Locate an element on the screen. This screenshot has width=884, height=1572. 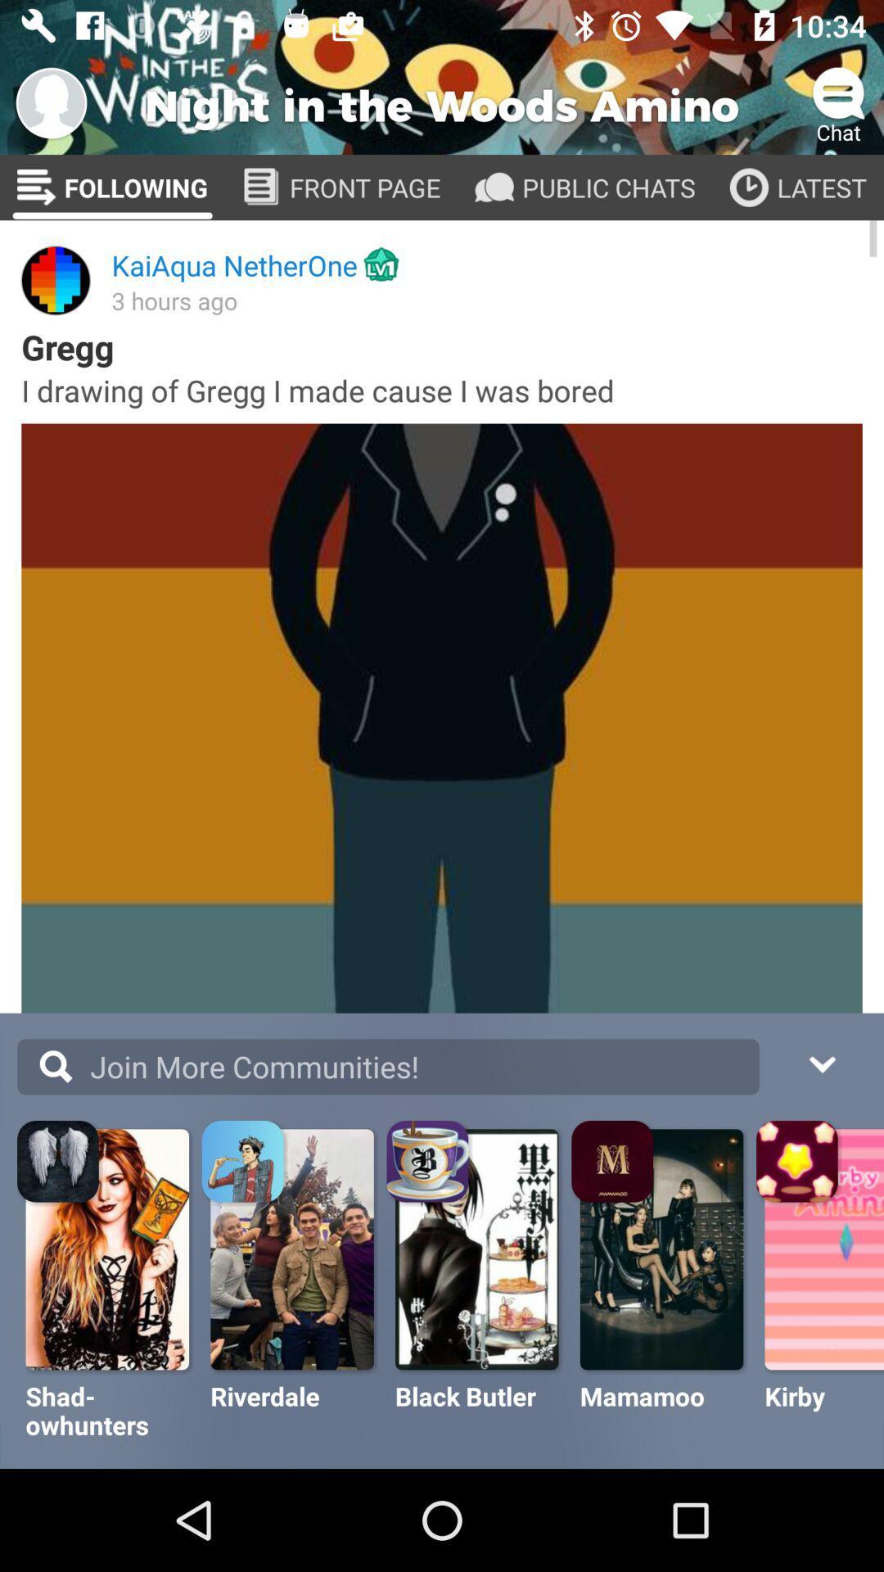
the image on the right next to the first image on the bottom corner of the web page is located at coordinates (245, 1163).